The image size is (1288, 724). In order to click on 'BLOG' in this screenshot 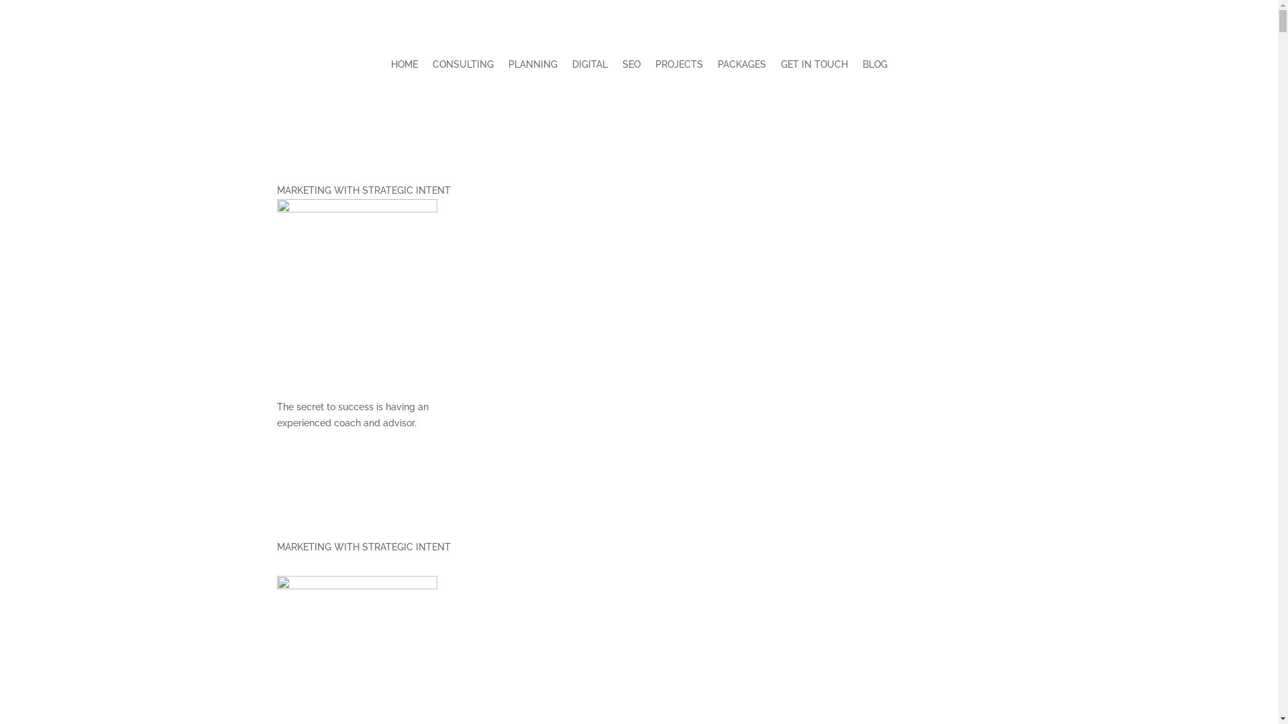, I will do `click(875, 67)`.